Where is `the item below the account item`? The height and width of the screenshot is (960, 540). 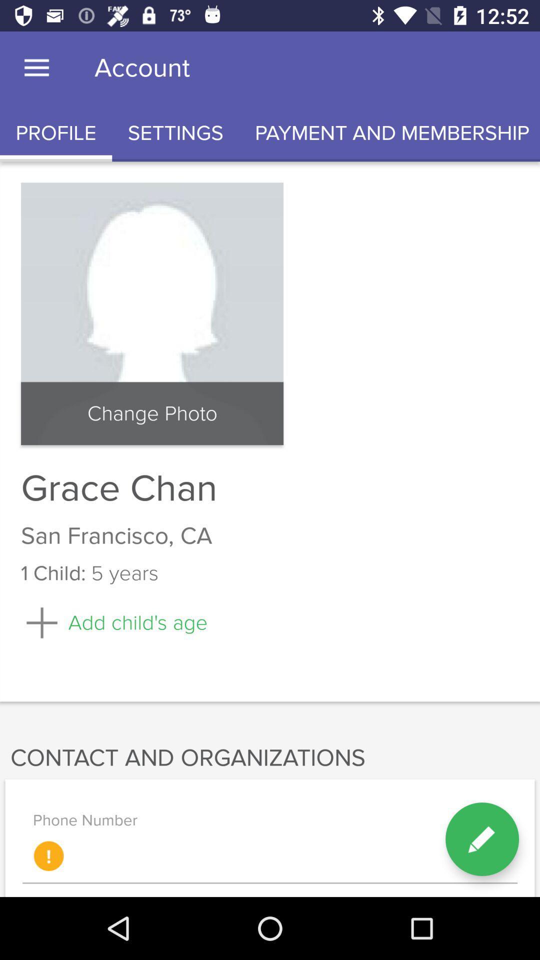 the item below the account item is located at coordinates (175, 132).